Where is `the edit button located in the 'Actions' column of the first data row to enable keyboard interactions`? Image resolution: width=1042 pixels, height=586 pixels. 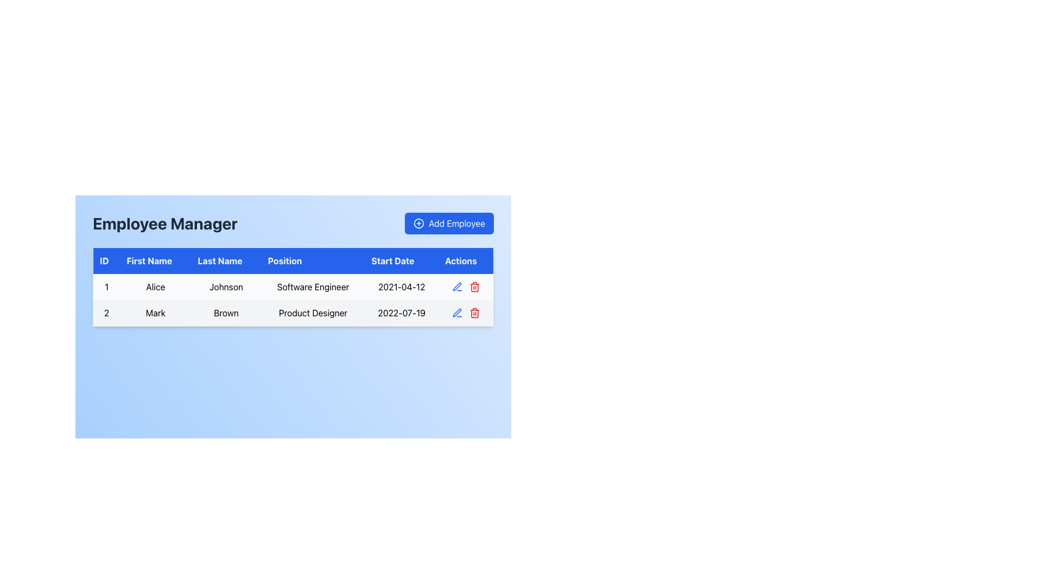
the edit button located in the 'Actions' column of the first data row to enable keyboard interactions is located at coordinates (457, 313).